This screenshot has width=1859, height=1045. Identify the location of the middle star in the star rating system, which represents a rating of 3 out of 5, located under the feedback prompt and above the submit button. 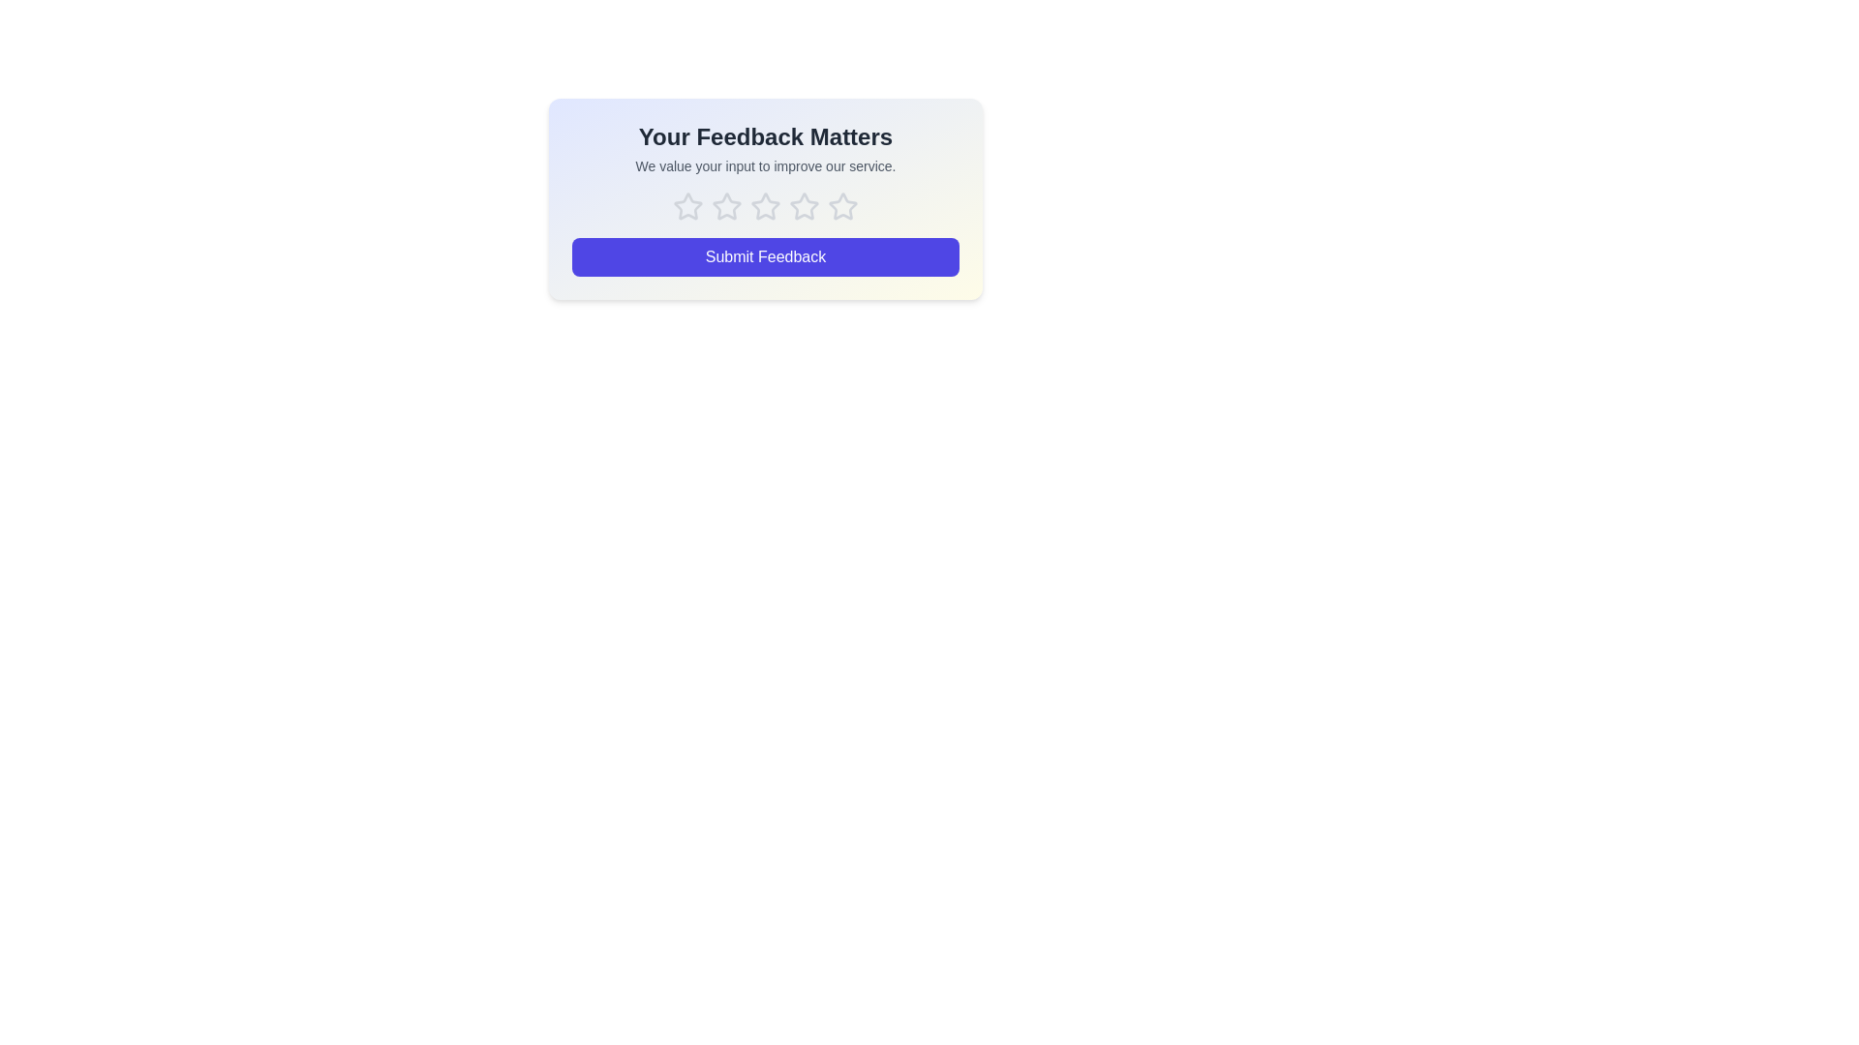
(765, 206).